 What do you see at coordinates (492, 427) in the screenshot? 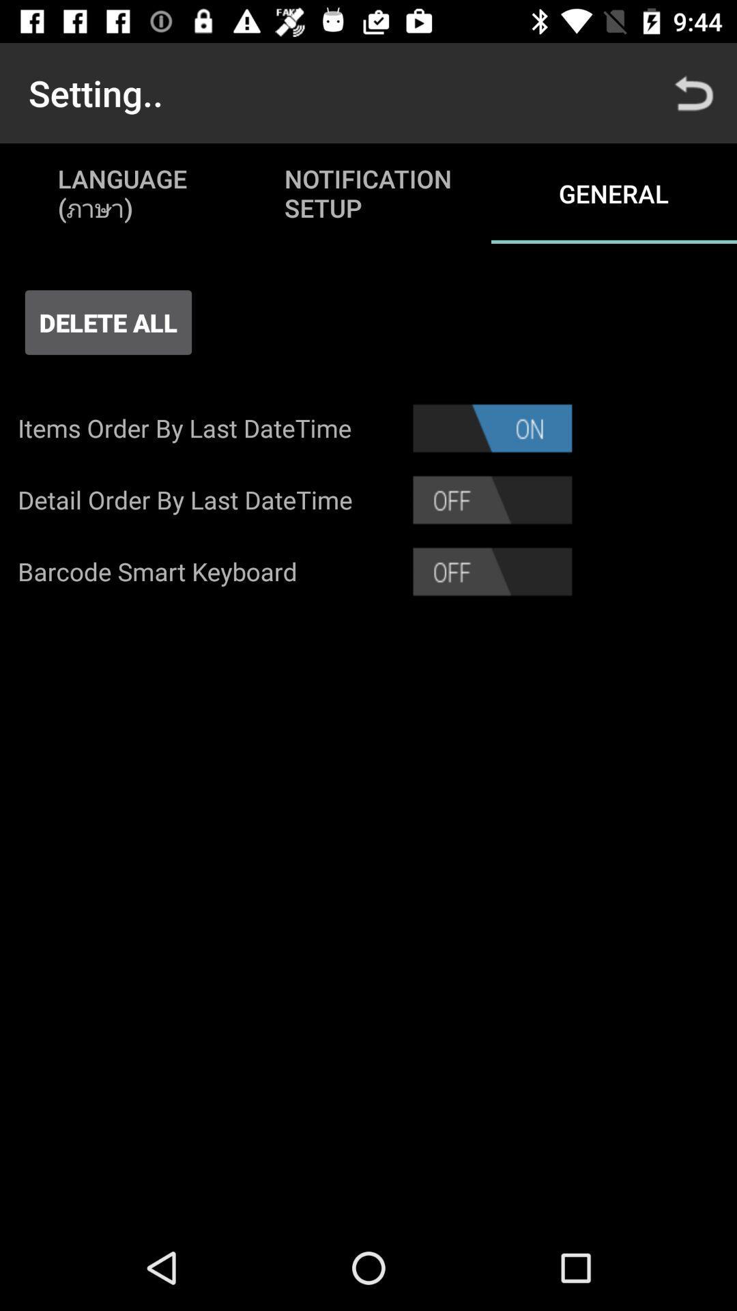
I see `i can turn on or off notifications listed by last date time` at bounding box center [492, 427].